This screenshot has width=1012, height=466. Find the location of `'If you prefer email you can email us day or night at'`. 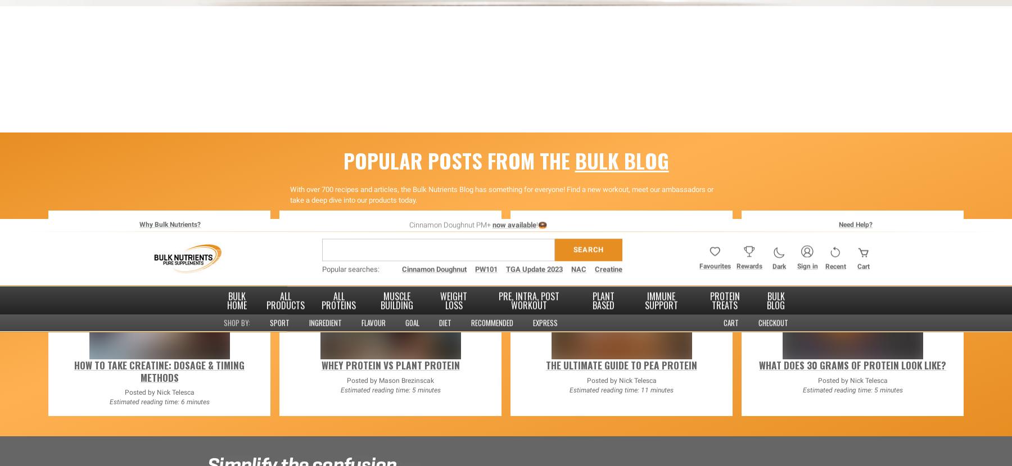

'If you prefer email you can email us day or night at' is located at coordinates (423, 259).